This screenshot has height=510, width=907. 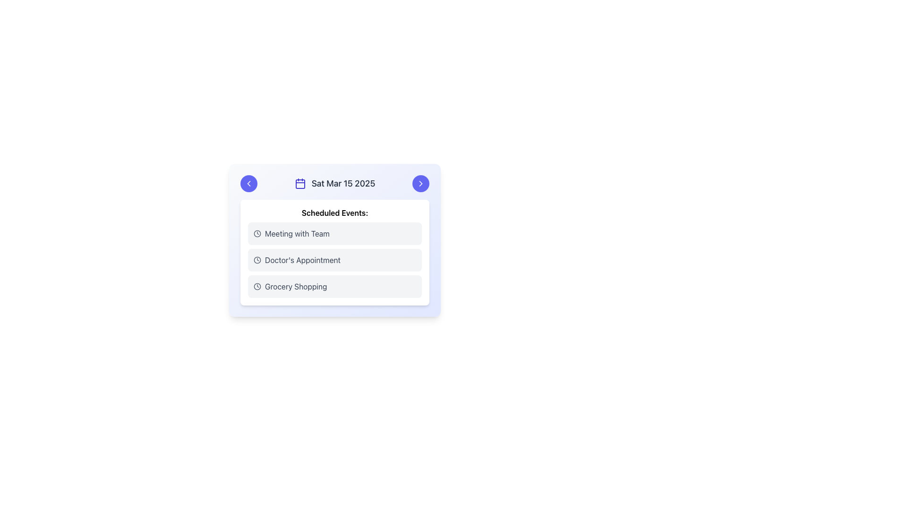 What do you see at coordinates (257, 286) in the screenshot?
I see `the minimalist clock icon located to the left of the 'Grocery Shopping' text` at bounding box center [257, 286].